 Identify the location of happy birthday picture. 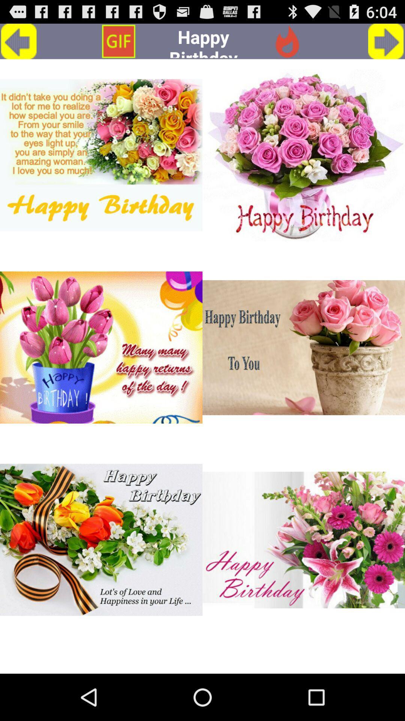
(101, 347).